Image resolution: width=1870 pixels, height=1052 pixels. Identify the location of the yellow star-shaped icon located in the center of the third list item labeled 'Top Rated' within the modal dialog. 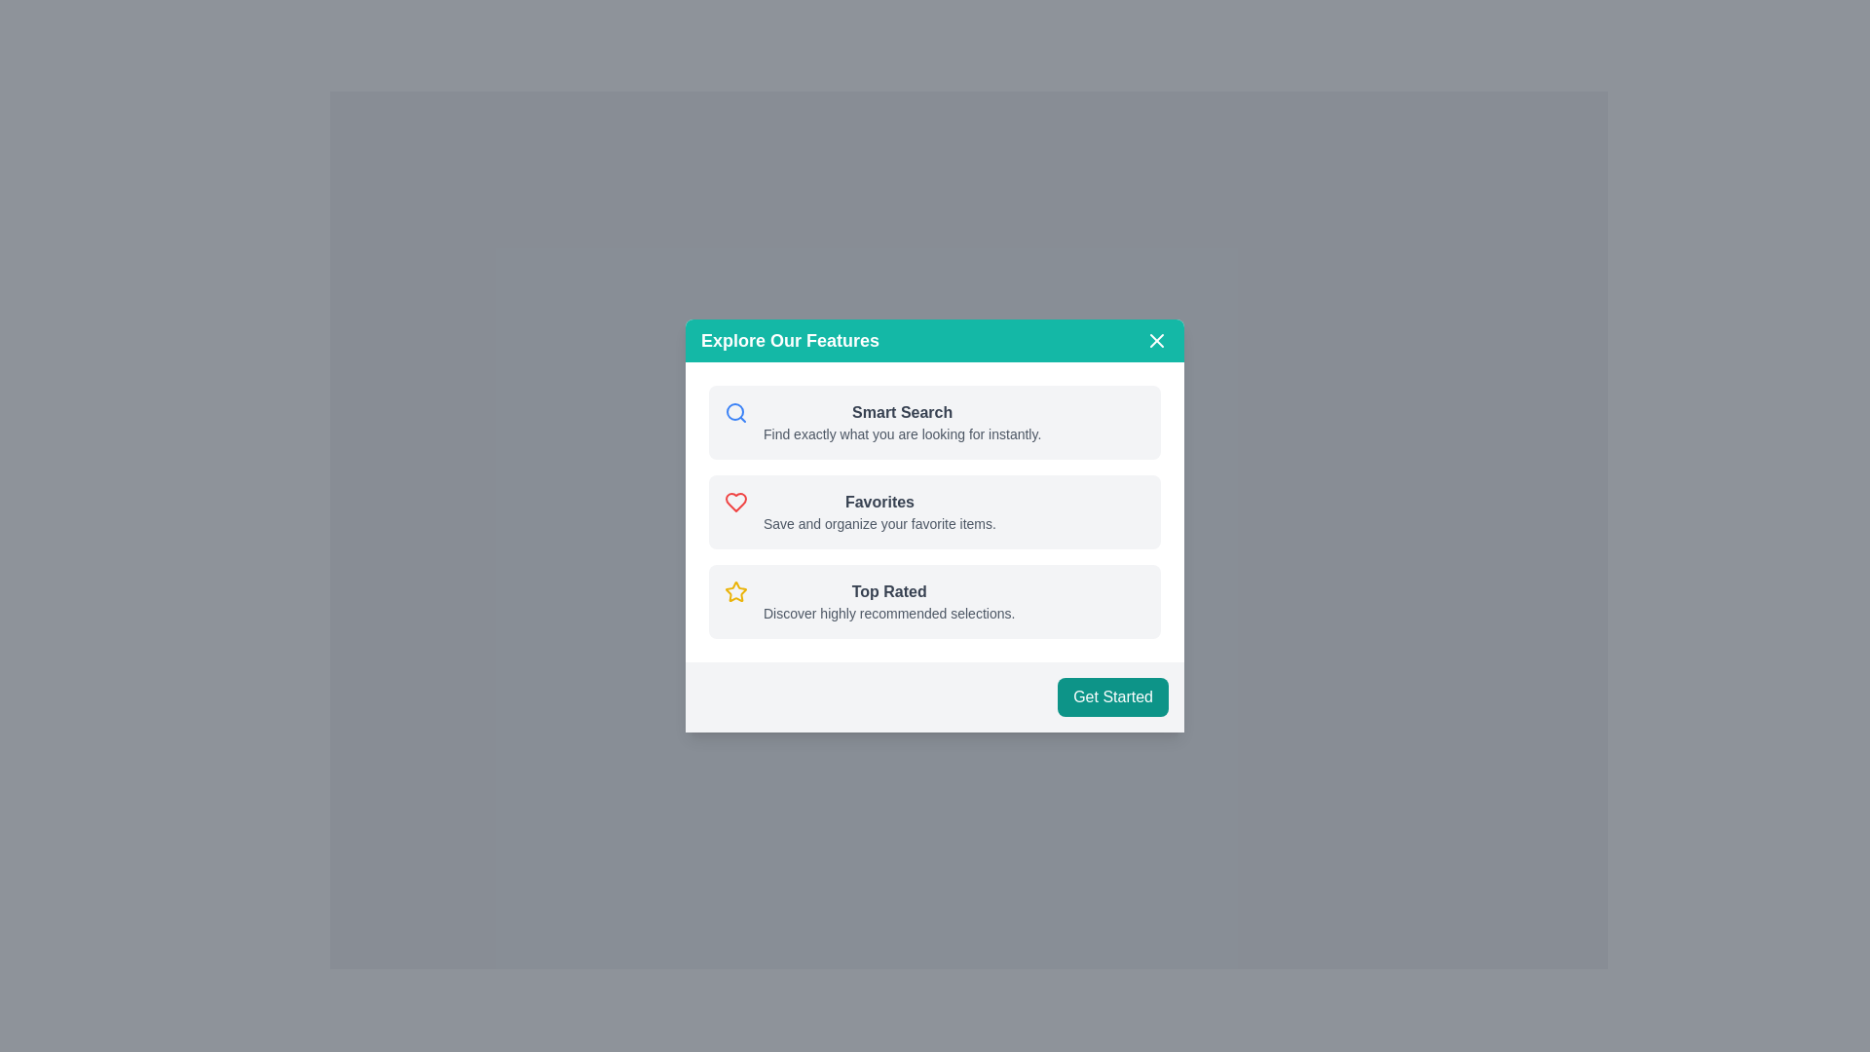
(734, 590).